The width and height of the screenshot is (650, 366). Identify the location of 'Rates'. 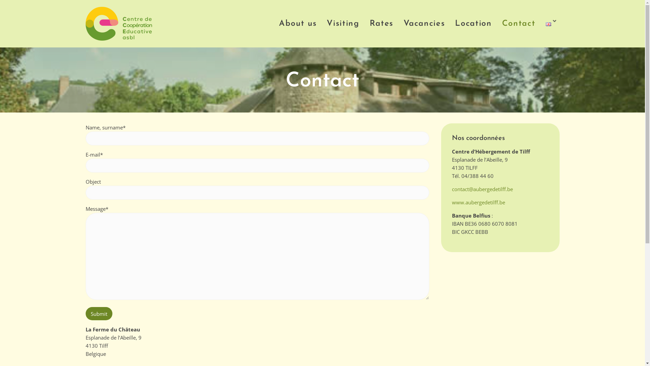
(382, 23).